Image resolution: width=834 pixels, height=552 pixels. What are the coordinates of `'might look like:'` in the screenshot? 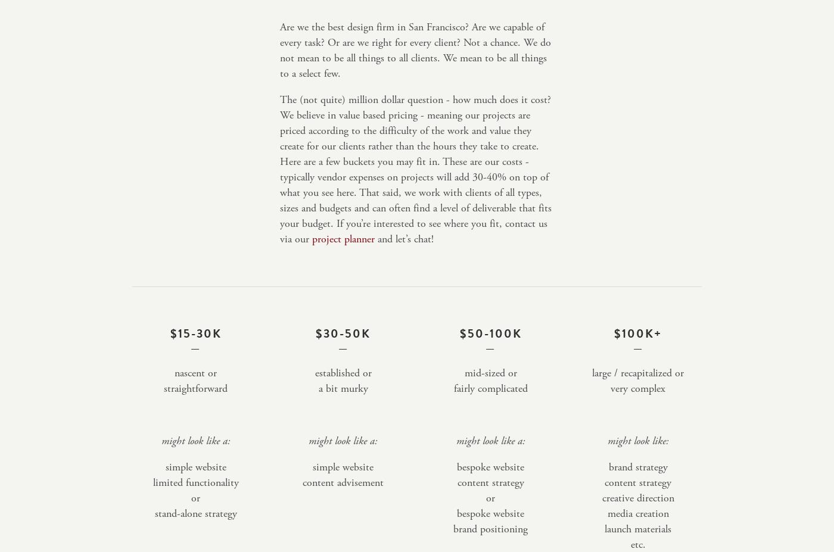 It's located at (637, 440).